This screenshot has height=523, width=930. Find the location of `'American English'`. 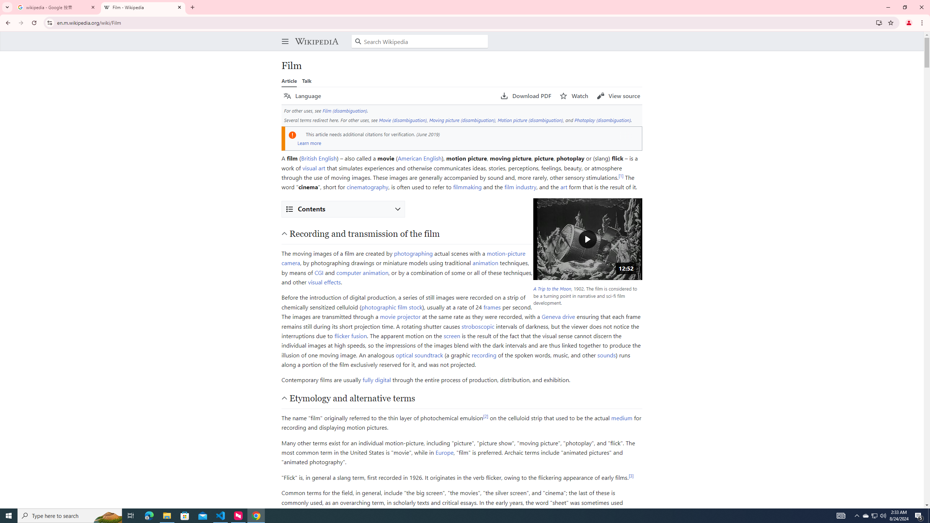

'American English' is located at coordinates (419, 158).